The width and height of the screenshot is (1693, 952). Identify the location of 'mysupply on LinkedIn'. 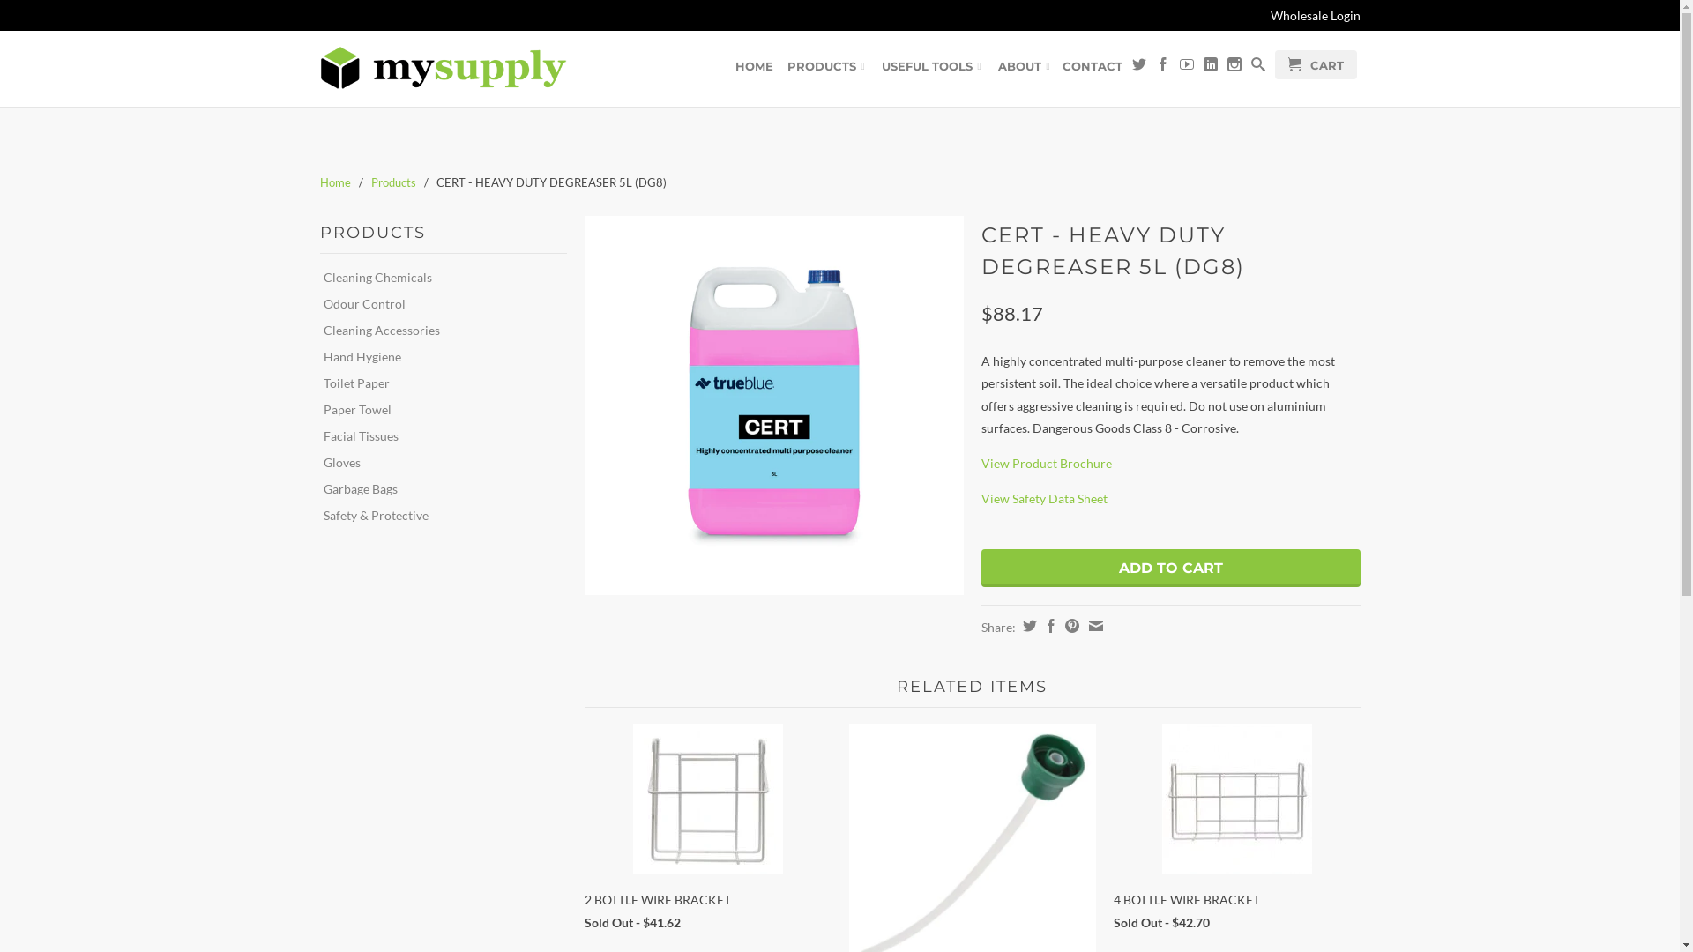
(1209, 67).